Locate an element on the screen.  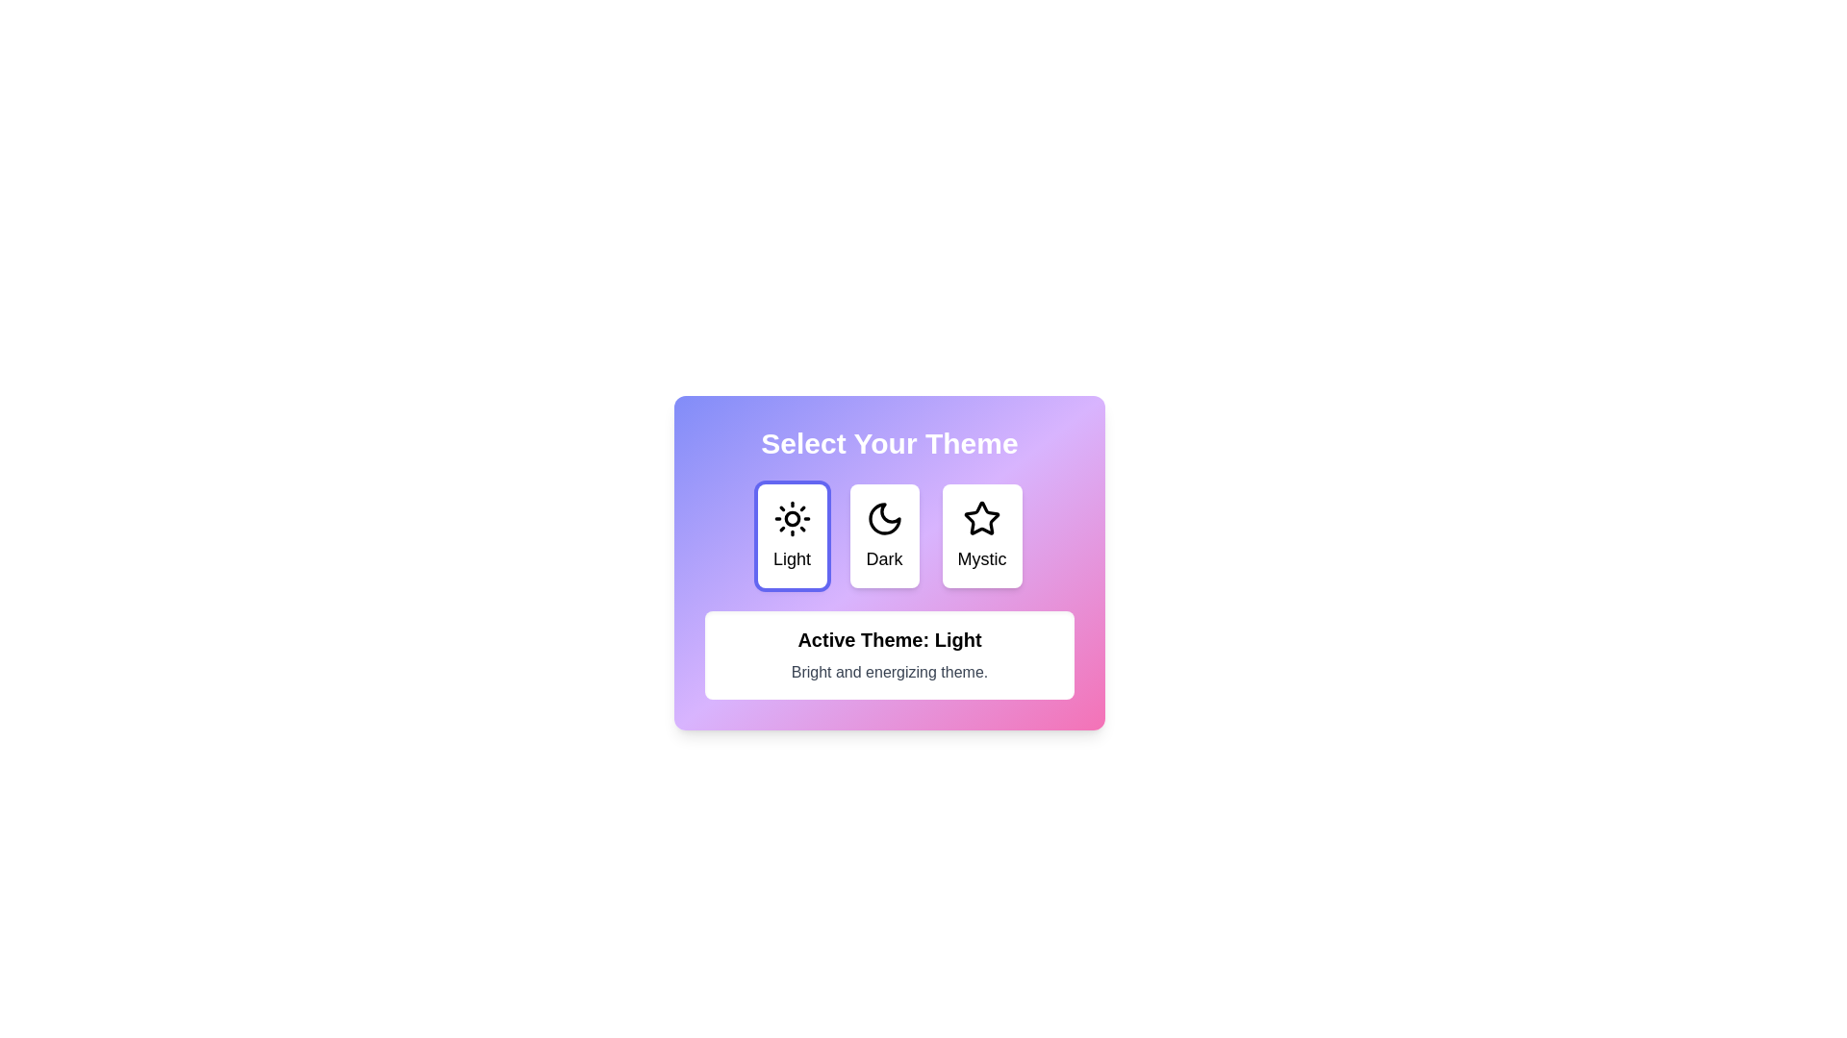
the button labeled Dark to observe its hover effect is located at coordinates (883, 536).